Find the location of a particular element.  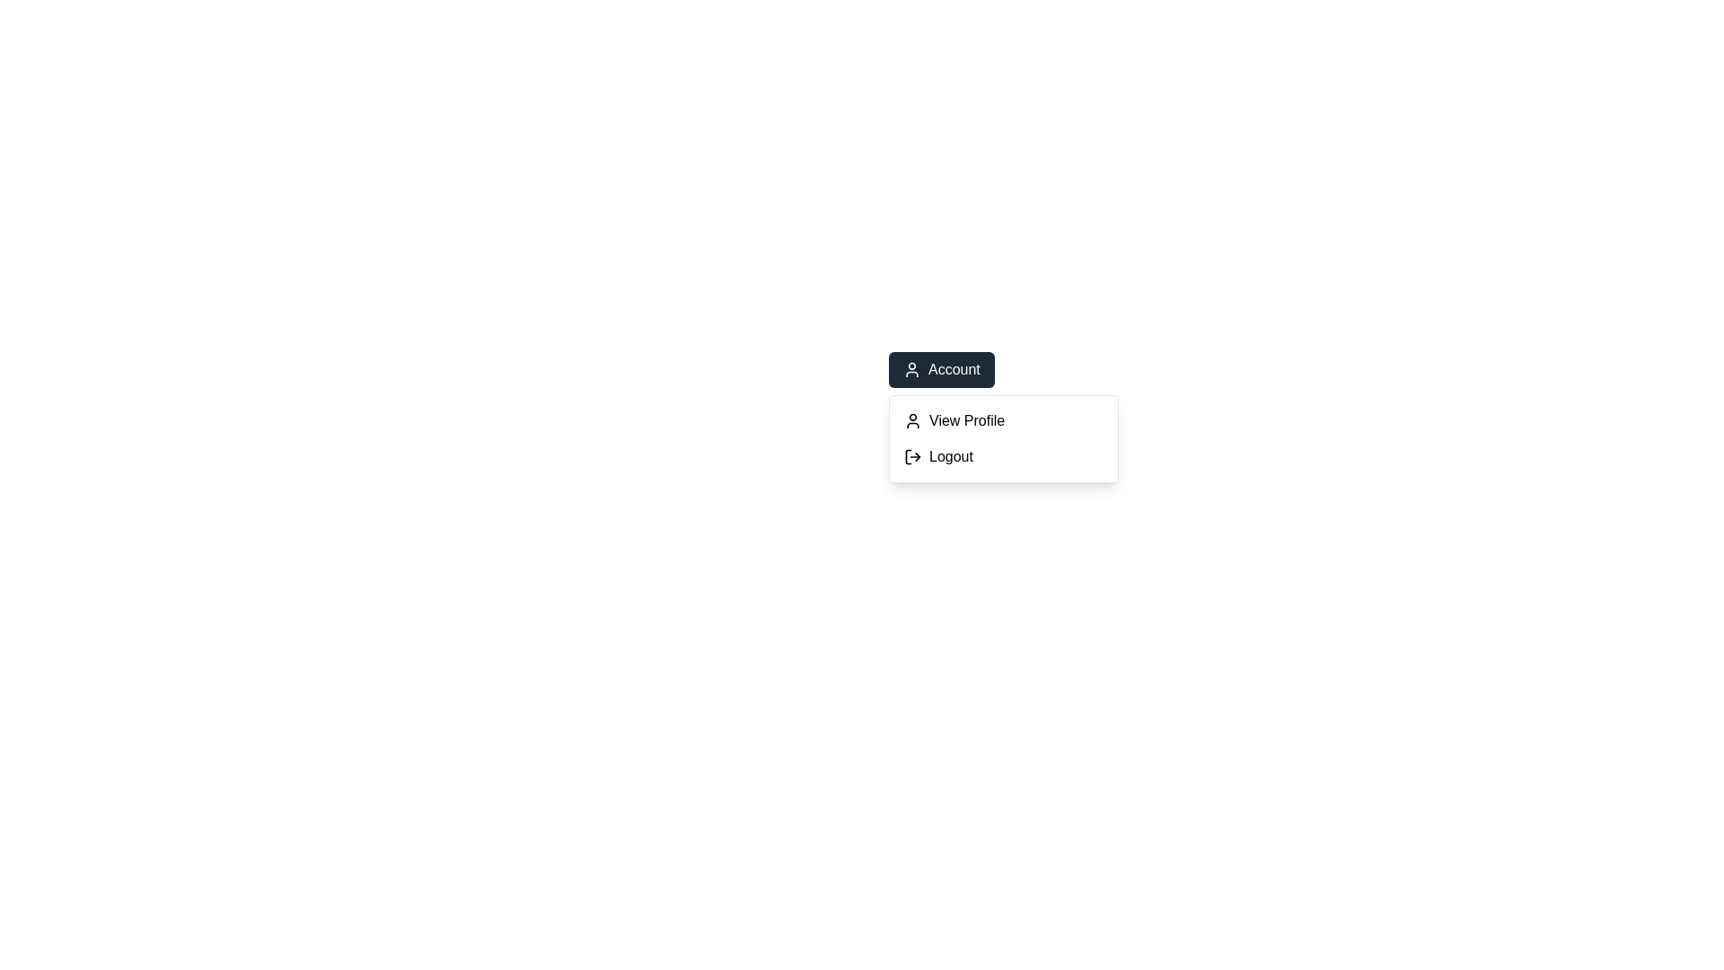

the user profile icon, which is a small black circular figure with a person outline, located to the left of the 'View Profile' text in the dropdown menu under the 'Account' button is located at coordinates (913, 421).